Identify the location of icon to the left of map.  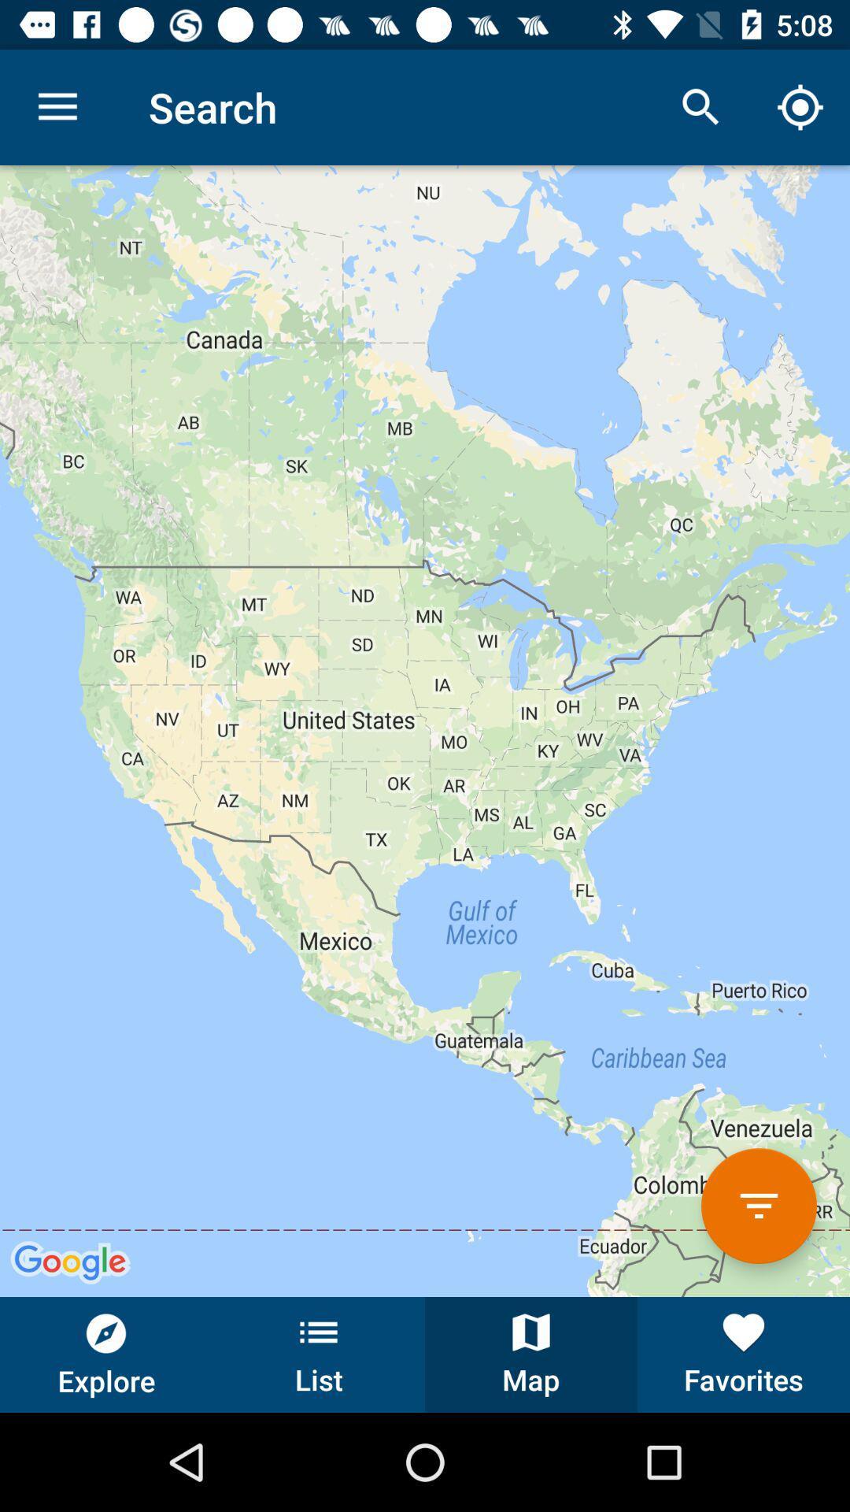
(319, 1354).